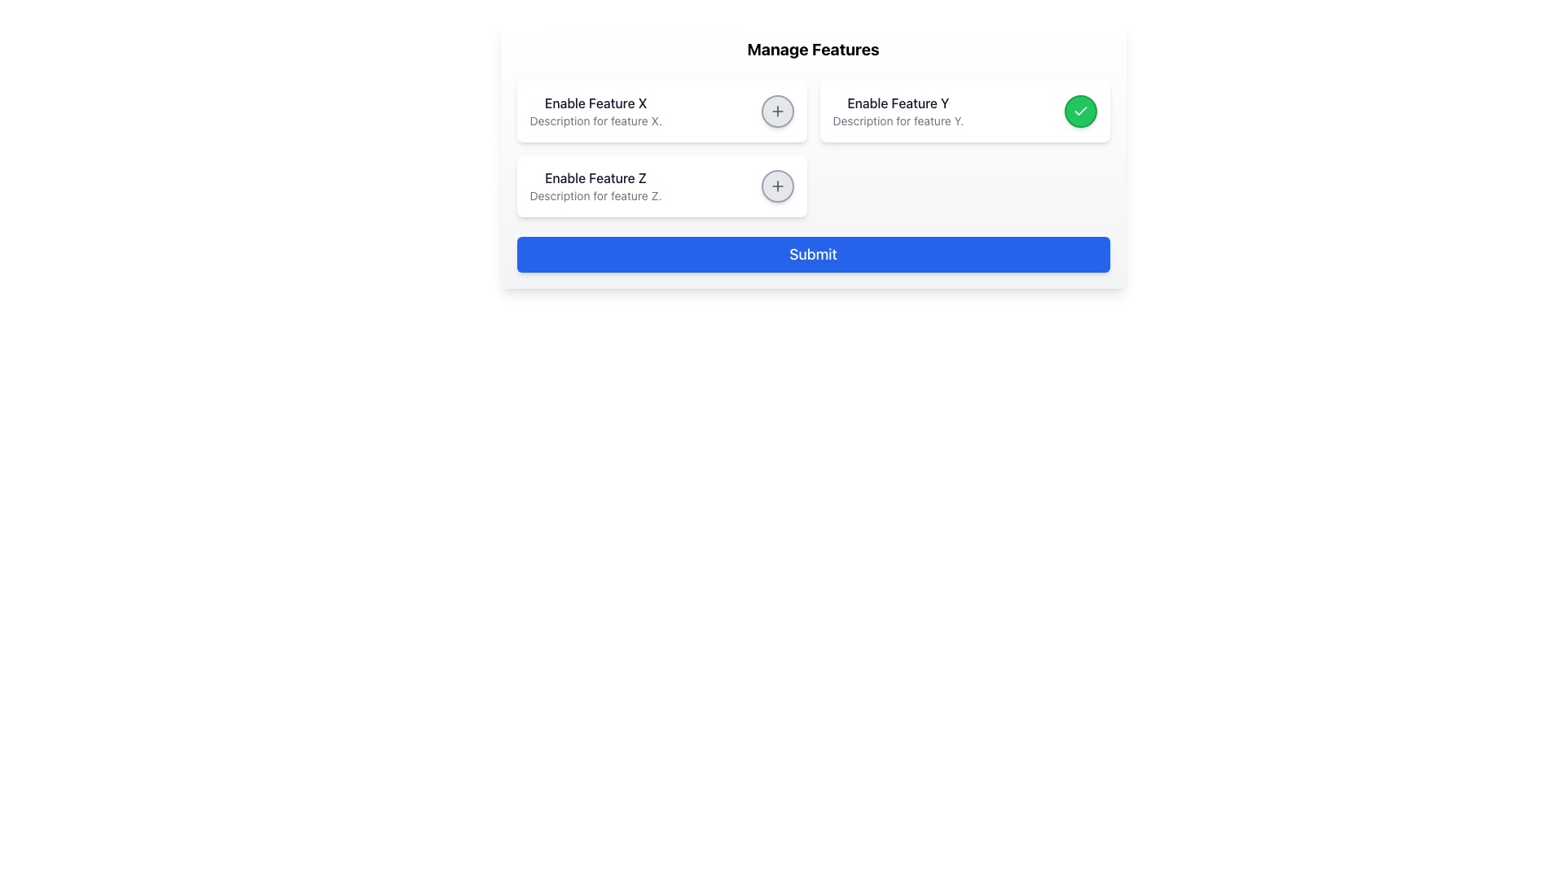 The height and width of the screenshot is (879, 1564). Describe the element at coordinates (595, 185) in the screenshot. I see `the Text Block element that reads 'Enable Feature Z' with a subtitle 'Description for feature Z.' located under 'Manage Features.'` at that location.